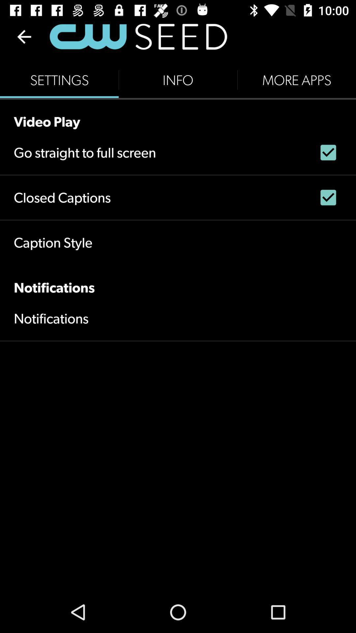 The width and height of the screenshot is (356, 633). What do you see at coordinates (178, 114) in the screenshot?
I see `the icon below settings icon` at bounding box center [178, 114].